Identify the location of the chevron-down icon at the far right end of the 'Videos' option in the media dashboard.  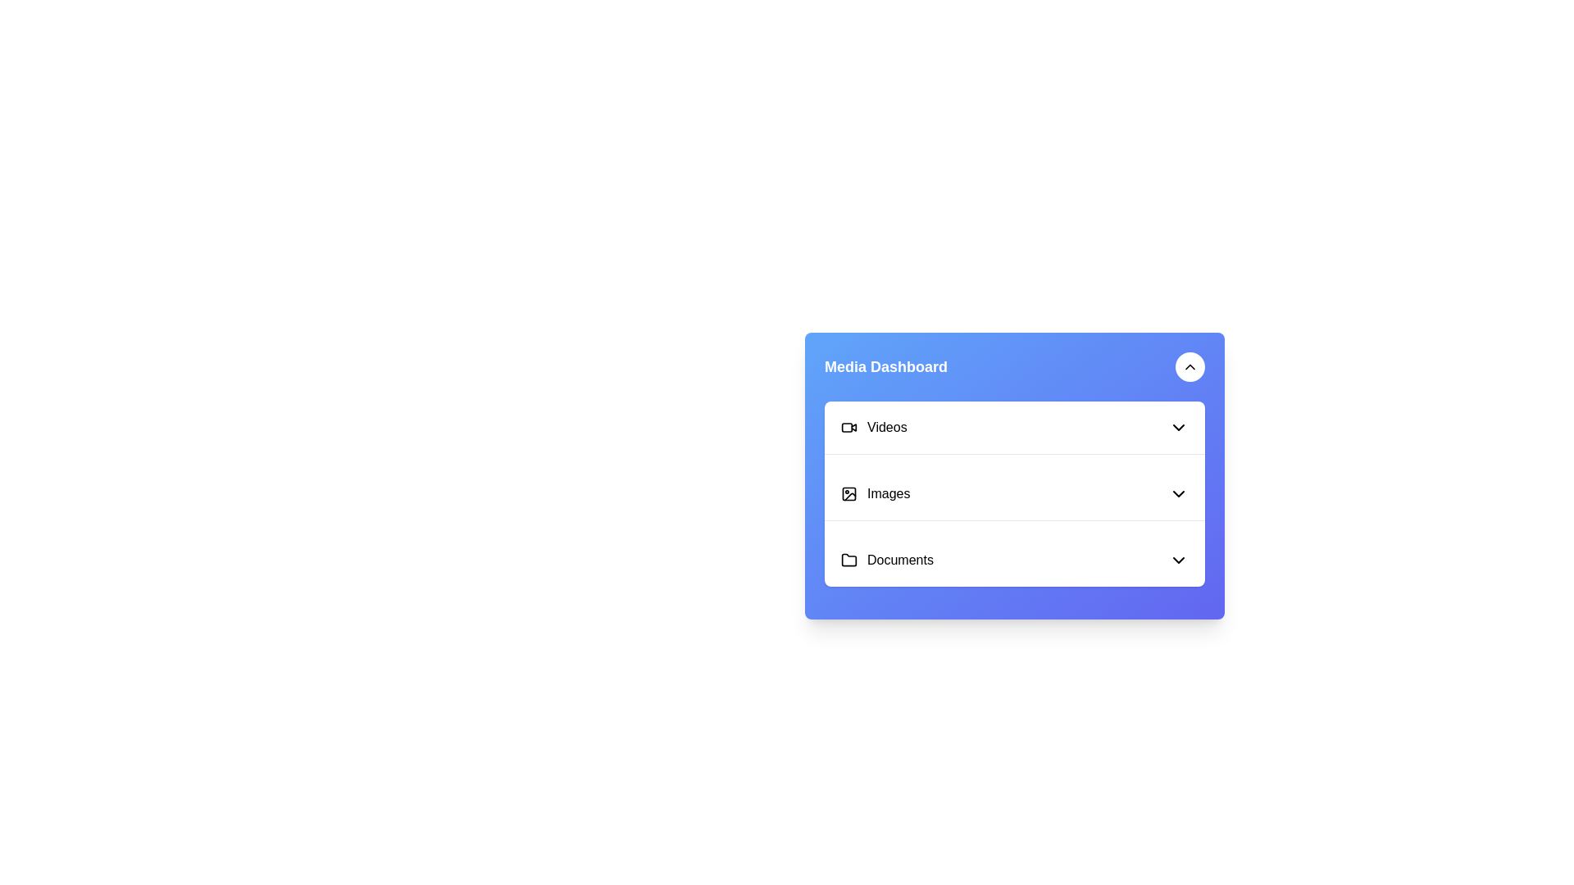
(1178, 426).